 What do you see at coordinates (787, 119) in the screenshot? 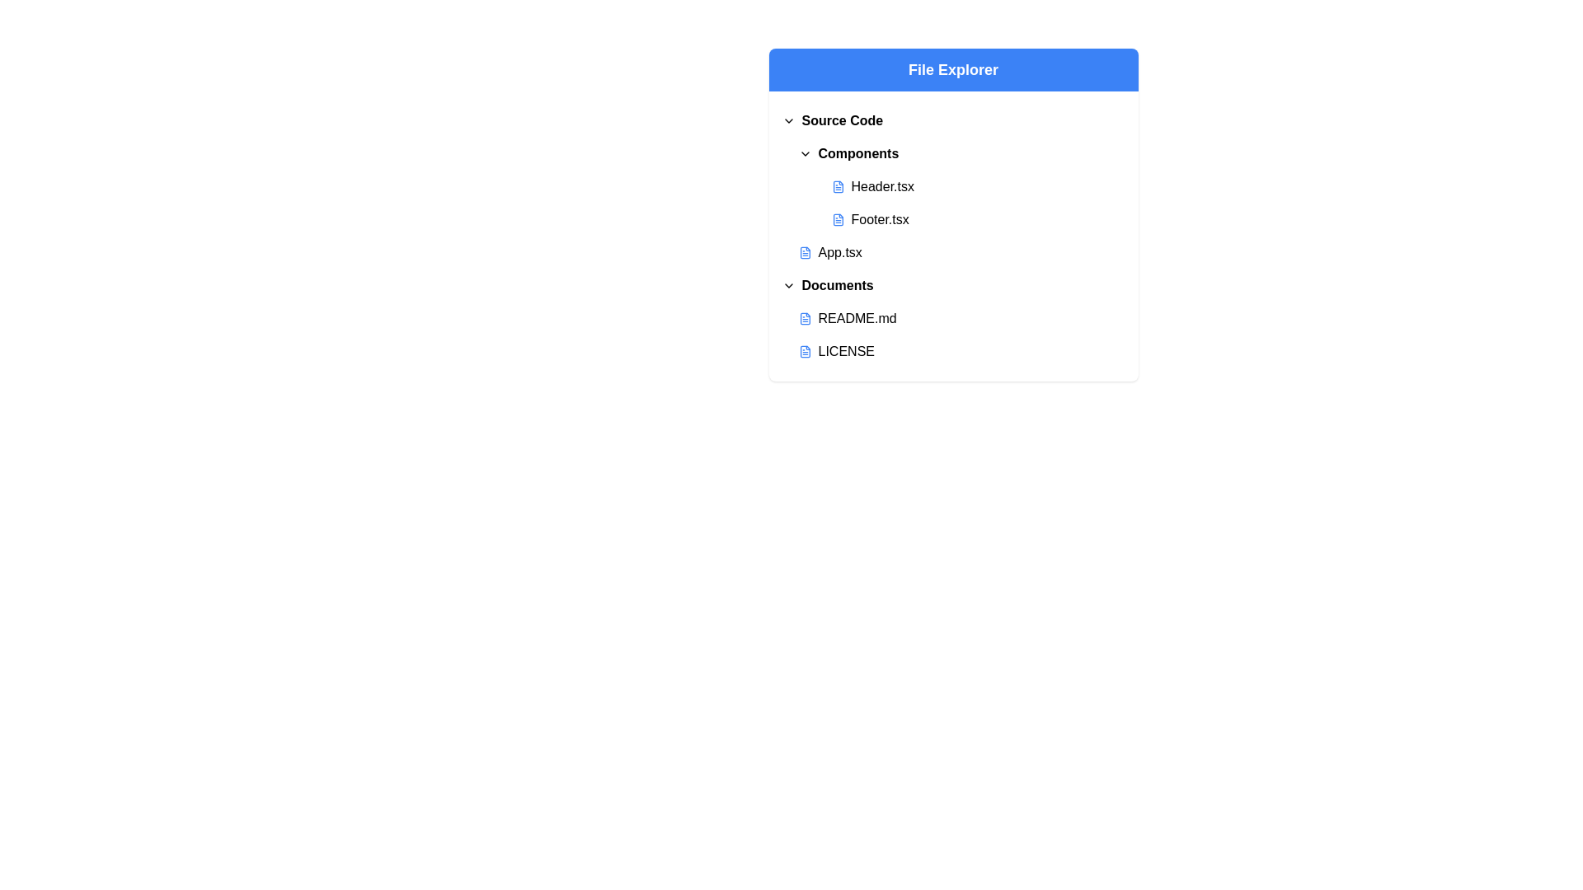
I see `the Chevron Down icon located to the left of the 'Source Code' text` at bounding box center [787, 119].